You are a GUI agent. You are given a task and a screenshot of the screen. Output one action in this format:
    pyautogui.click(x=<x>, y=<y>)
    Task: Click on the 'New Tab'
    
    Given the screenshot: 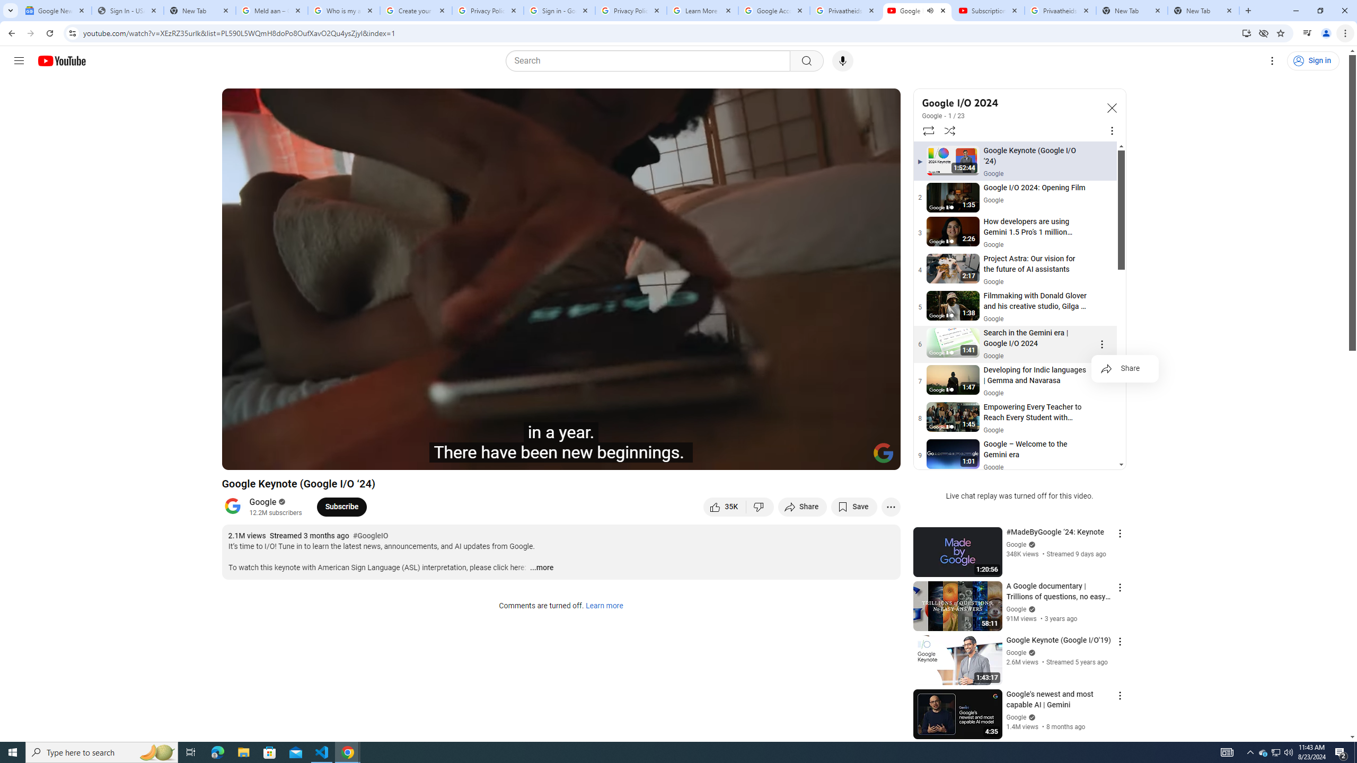 What is the action you would take?
    pyautogui.click(x=1203, y=10)
    